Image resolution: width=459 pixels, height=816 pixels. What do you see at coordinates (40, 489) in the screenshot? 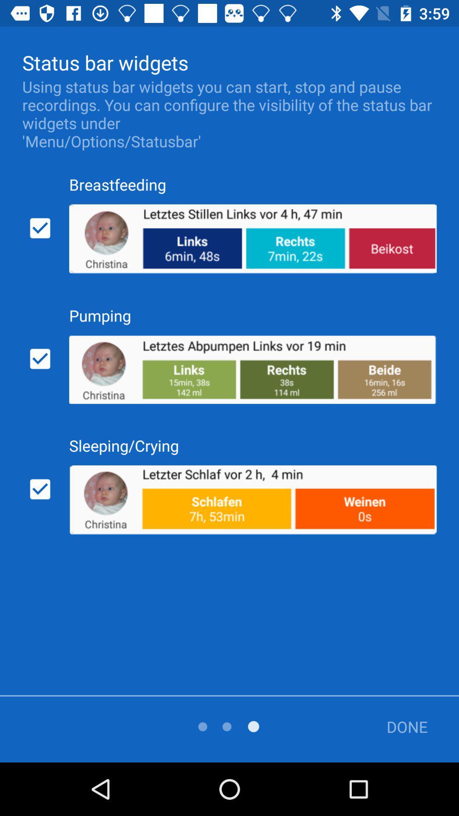
I see `selected/ unselected option` at bounding box center [40, 489].